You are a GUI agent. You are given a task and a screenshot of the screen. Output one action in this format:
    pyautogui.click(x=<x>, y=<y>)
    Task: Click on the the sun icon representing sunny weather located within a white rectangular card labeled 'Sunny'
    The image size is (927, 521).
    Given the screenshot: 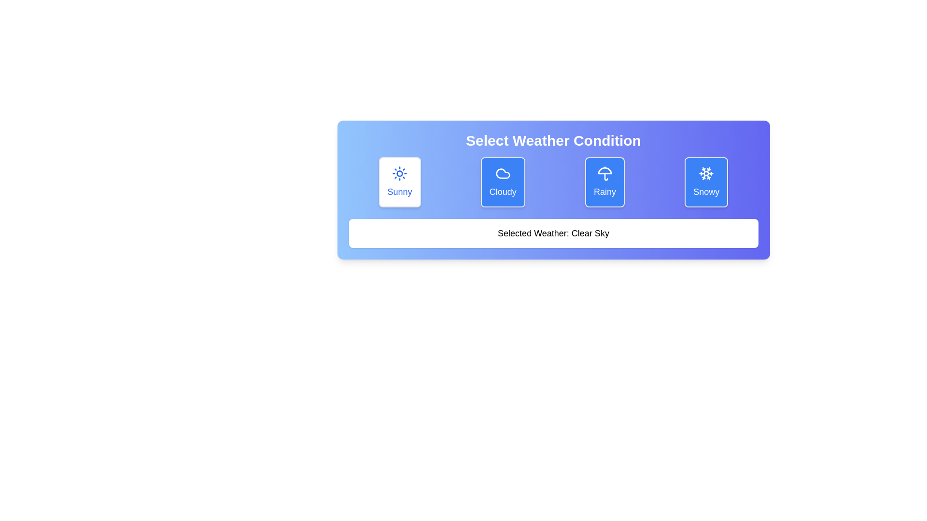 What is the action you would take?
    pyautogui.click(x=400, y=173)
    